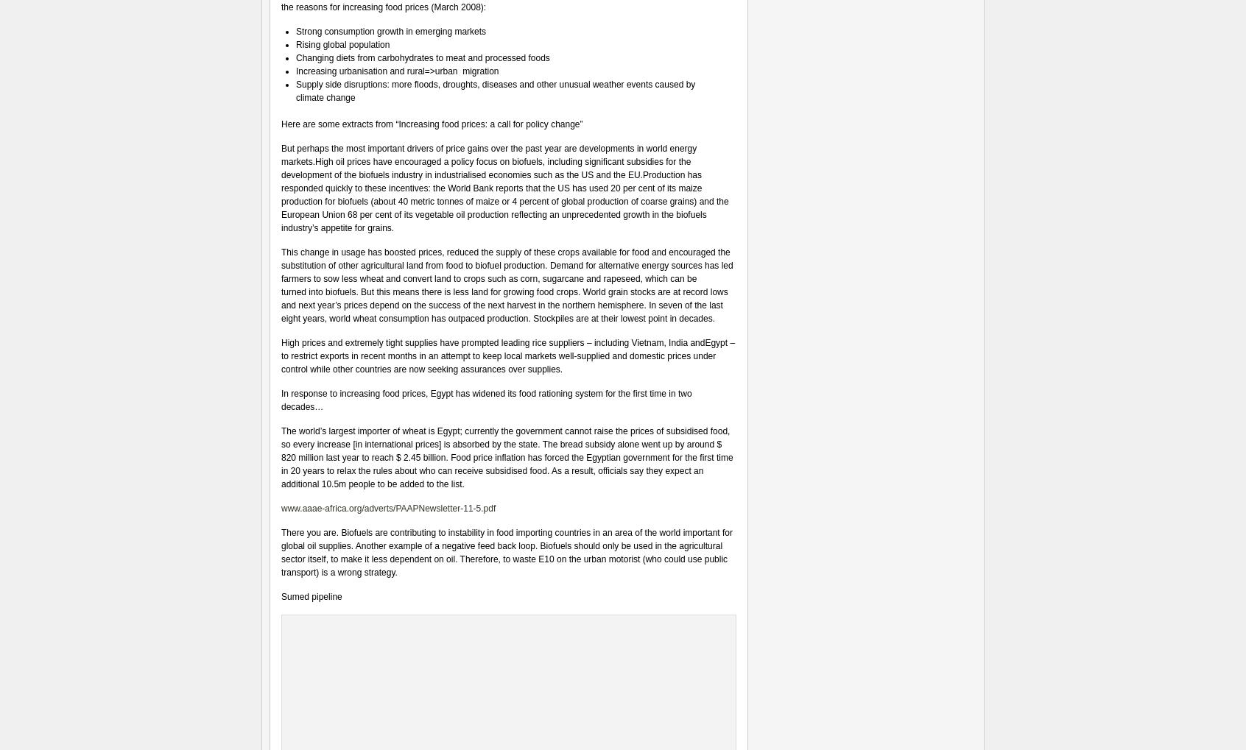  I want to click on 'But perhaps the most important drivers of price gains over the past year are developments in world energy markets.High oil prices have encouraged a policy focus on biofuels, including significant subsidies for the development of the biofuels industry in industrialised economies such as the US and the EU.Production has responded quickly to these incentives: the World Bank reports that the US has used 20 per cent of its maize production for biofuels (about 40 metric tonnes of maize or 4 percent of global production of coarse grains) and the European Union 68 per cent of its vegetable oil production reflecting an unprecedented growth in the biofuels industry’s appetite for grains.', so click(504, 188).